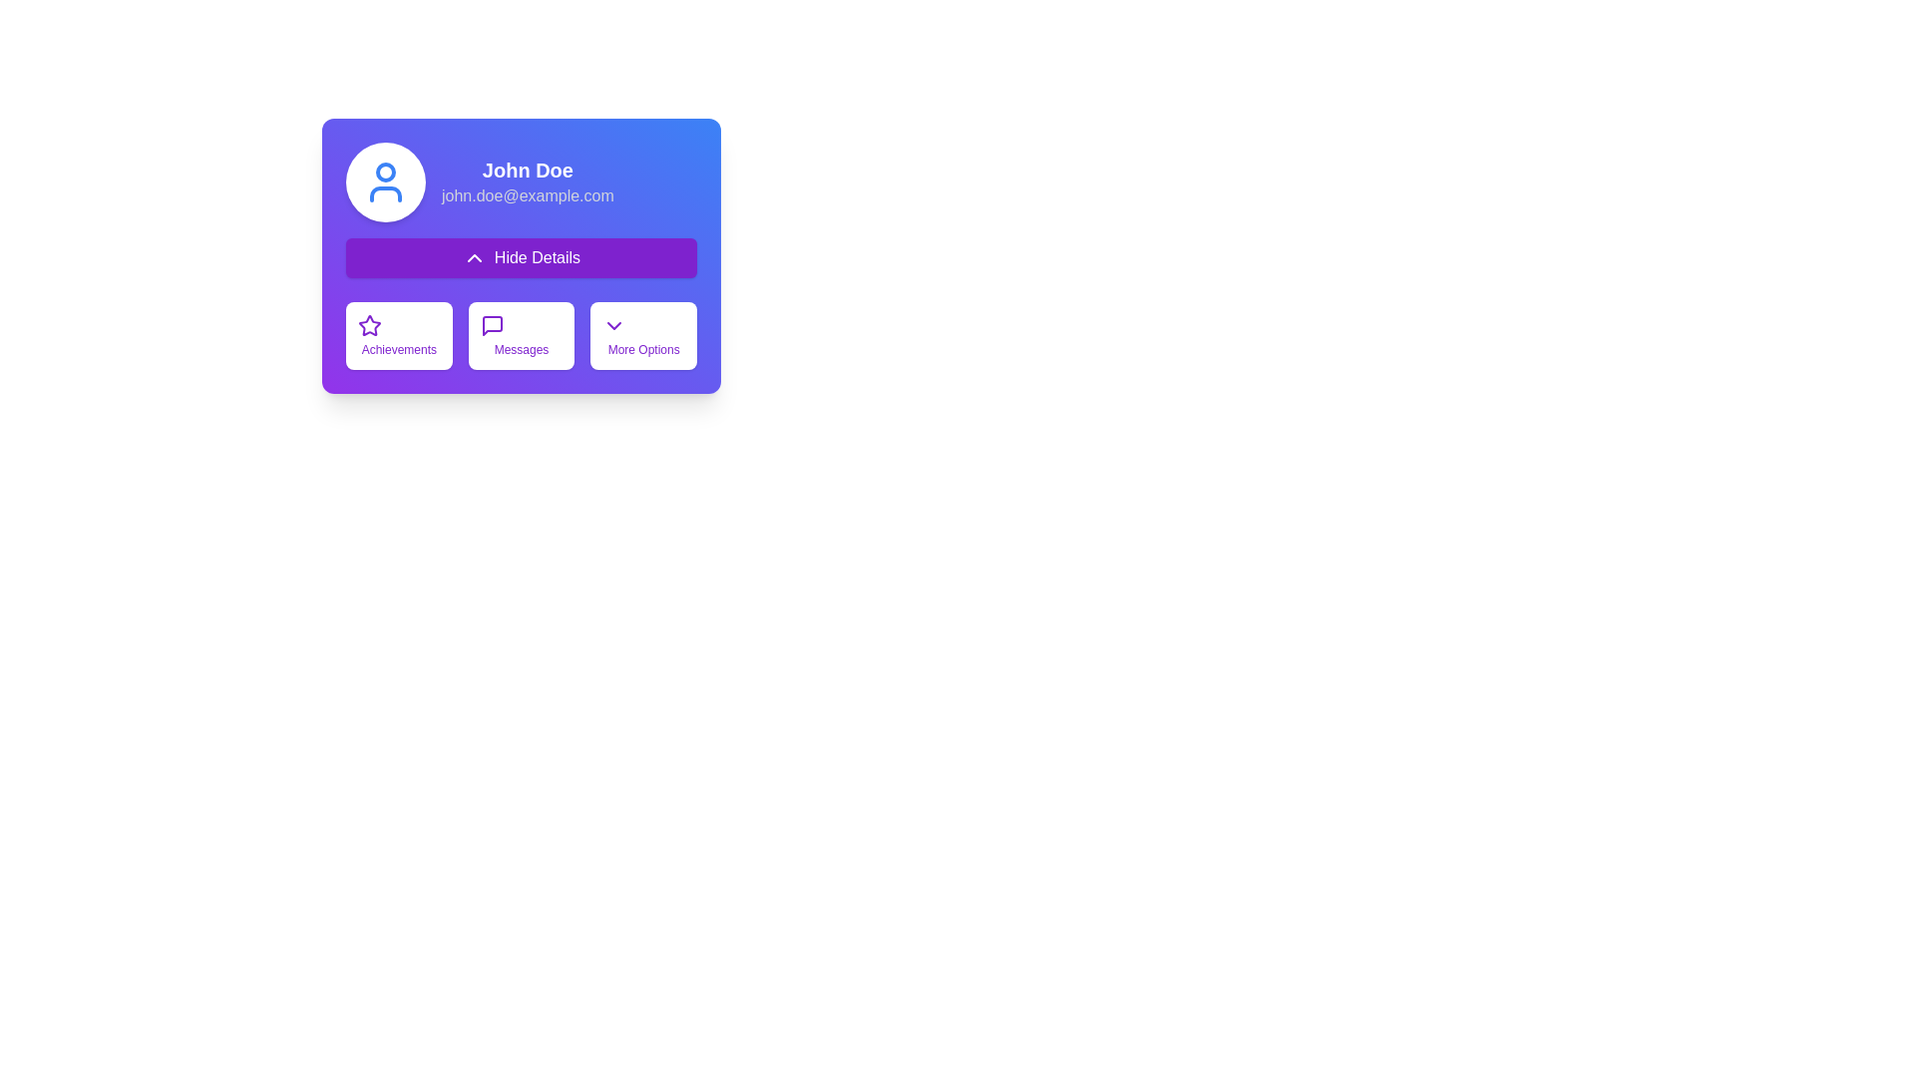 The height and width of the screenshot is (1077, 1915). I want to click on the speech bubble icon within the 'Messages' button, which is centrally located in the second row of the card, so click(492, 325).